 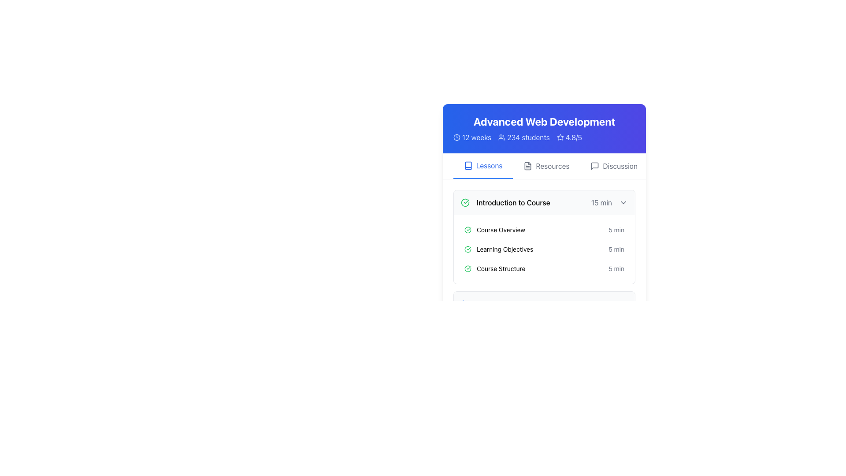 What do you see at coordinates (524, 138) in the screenshot?
I see `the static text element displaying '234 students' next to an icon of multiple user silhouettes on a blue background, located in the second position among three pieces of information under the course title` at bounding box center [524, 138].